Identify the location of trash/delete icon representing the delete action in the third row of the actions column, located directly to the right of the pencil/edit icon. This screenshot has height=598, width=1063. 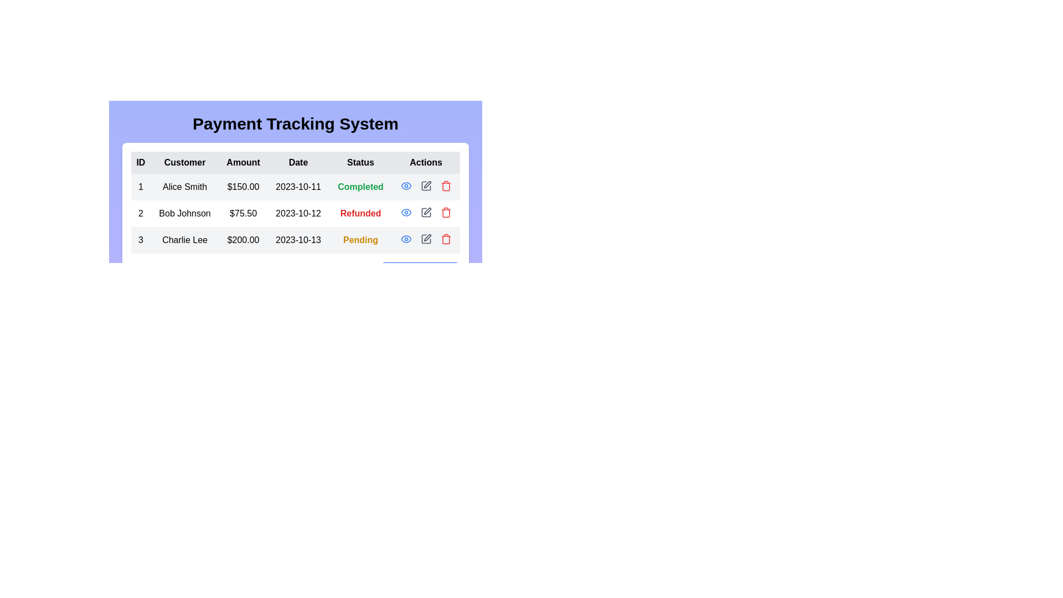
(446, 213).